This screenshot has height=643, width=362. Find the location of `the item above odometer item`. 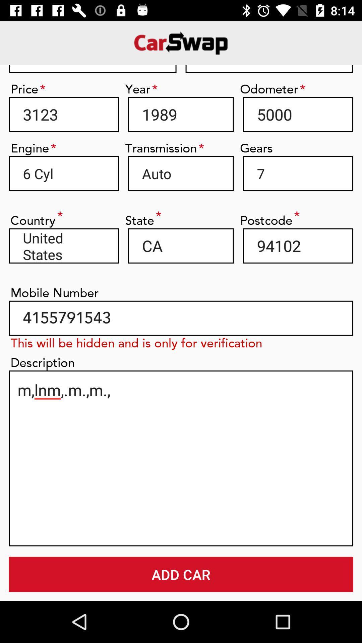

the item above odometer item is located at coordinates (269, 69).